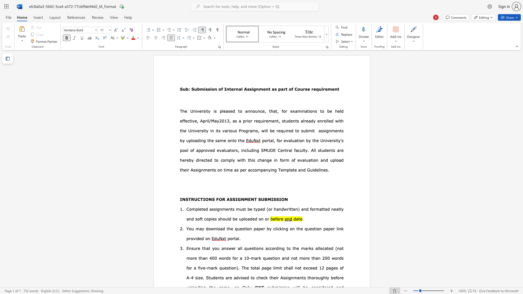  Describe the element at coordinates (266, 209) in the screenshot. I see `the subset text "(or handwritten)" within the text "(or handwritten)"` at that location.